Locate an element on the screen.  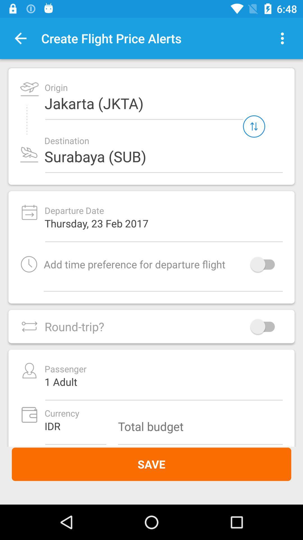
the item next to create flight price item is located at coordinates (282, 38).